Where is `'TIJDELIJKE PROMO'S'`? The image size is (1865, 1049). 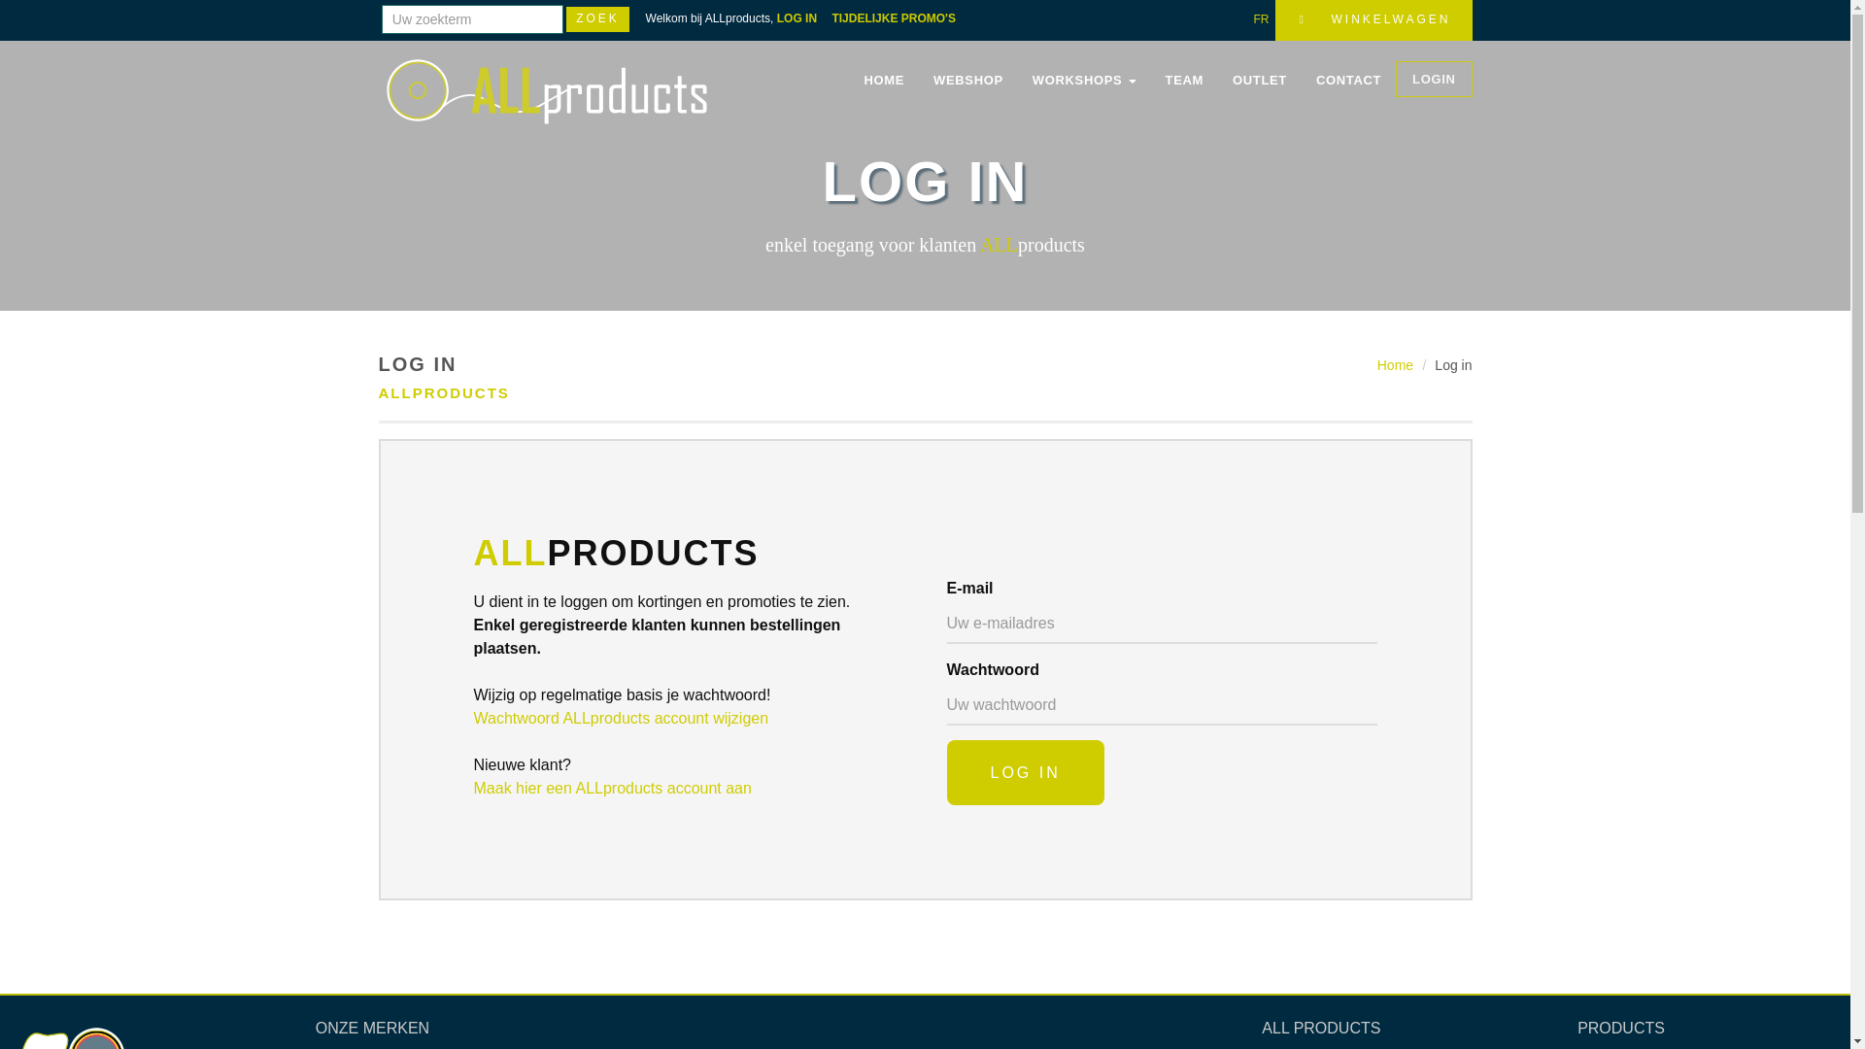 'TIJDELIJKE PROMO'S' is located at coordinates (899, 18).